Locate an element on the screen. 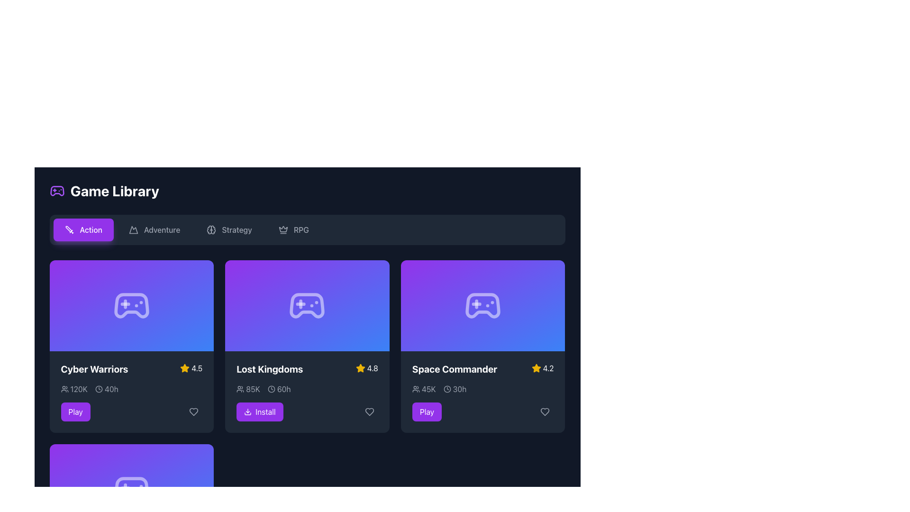  the category filter button for 'Action' games located below the 'Game Library' title to filter the list for 'Action' games is located at coordinates (83, 230).